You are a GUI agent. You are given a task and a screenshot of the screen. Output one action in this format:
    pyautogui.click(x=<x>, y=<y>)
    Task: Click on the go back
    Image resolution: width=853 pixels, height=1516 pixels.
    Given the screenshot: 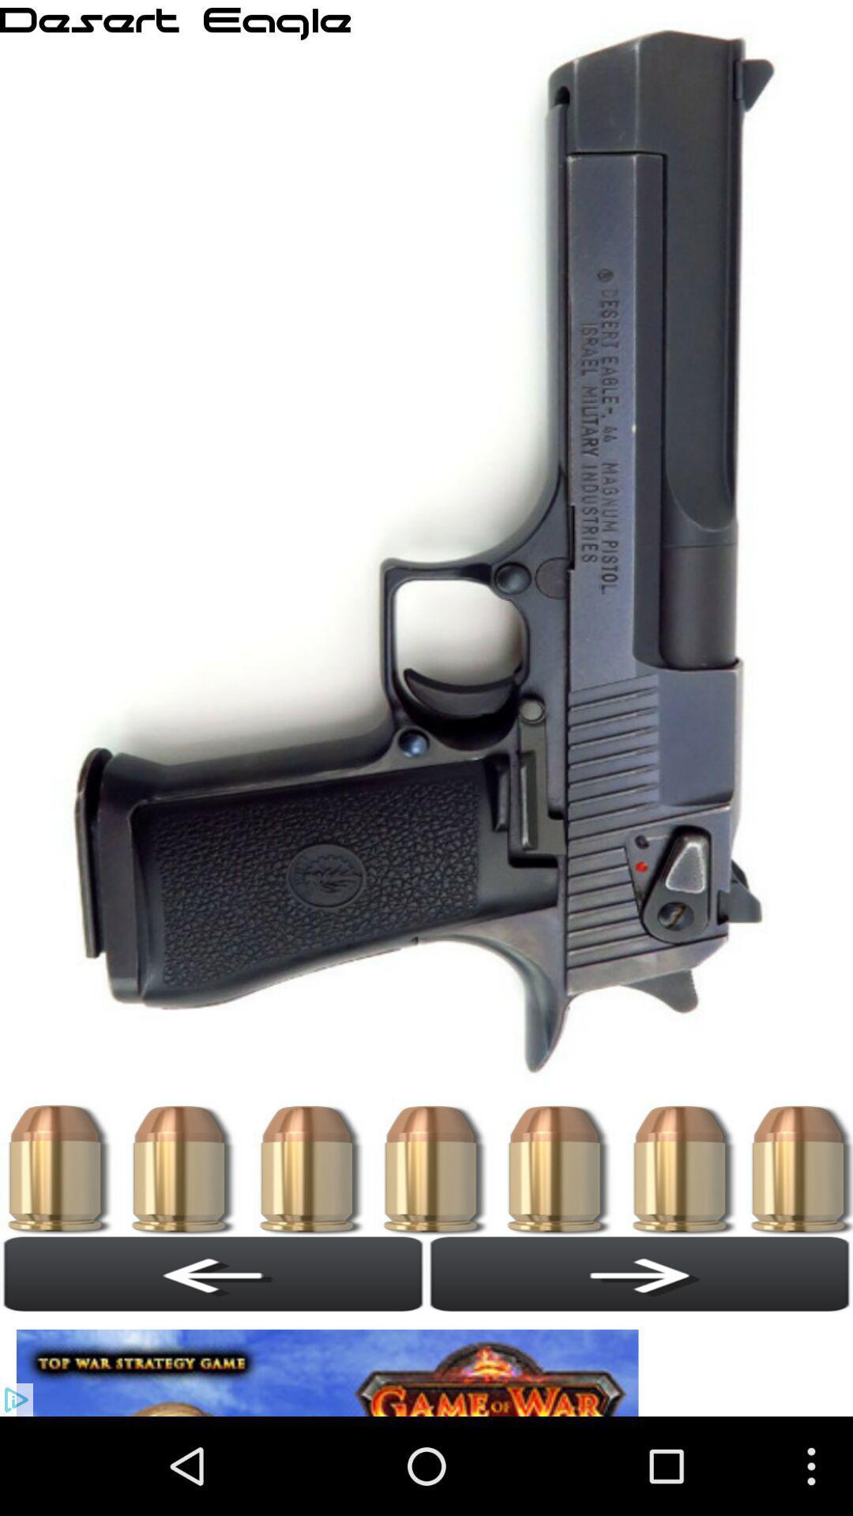 What is the action you would take?
    pyautogui.click(x=640, y=1274)
    